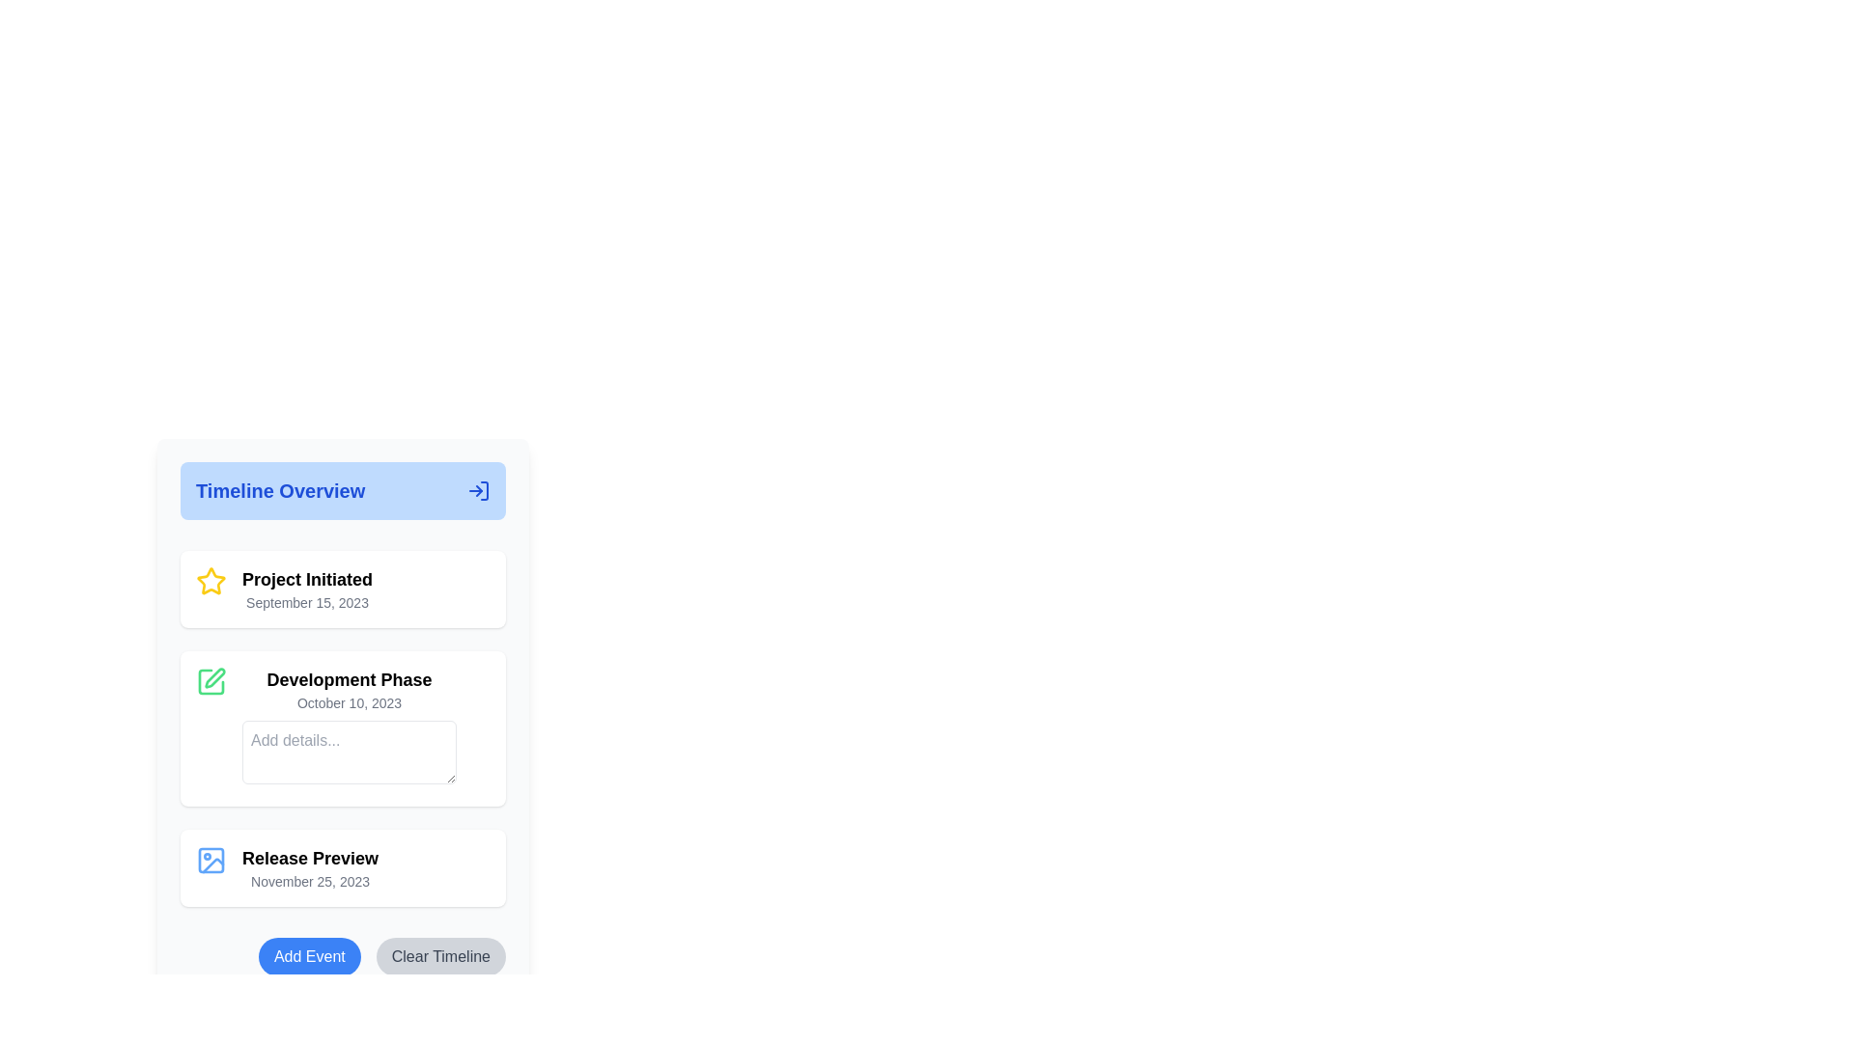 Image resolution: width=1854 pixels, height=1042 pixels. Describe the element at coordinates (214, 676) in the screenshot. I see `the editing icon, which resembles a pen intersecting a rectangle, located as the second entry in the vertical list of timeline items` at that location.